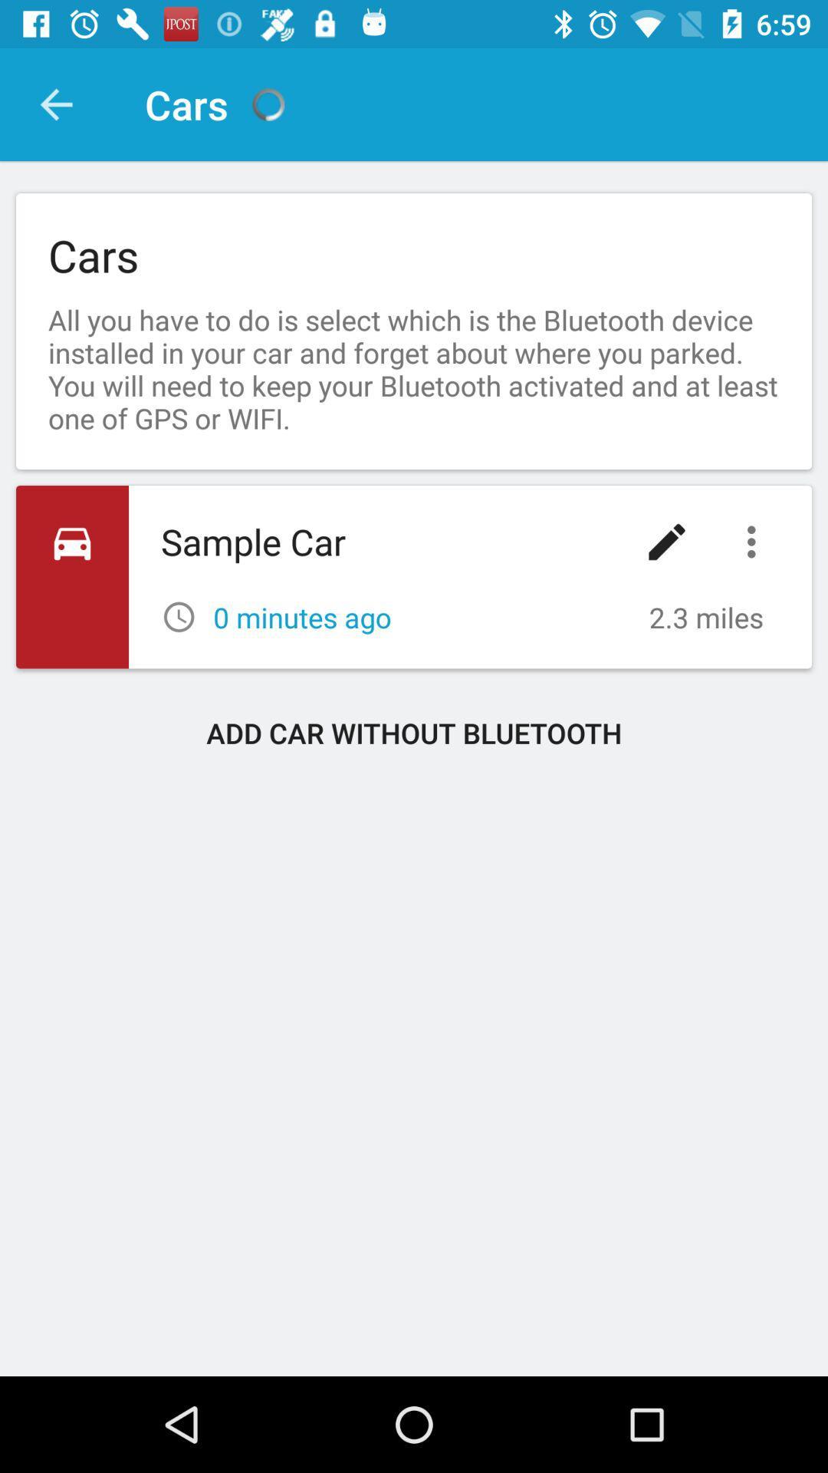  Describe the element at coordinates (414, 576) in the screenshot. I see `sample car` at that location.